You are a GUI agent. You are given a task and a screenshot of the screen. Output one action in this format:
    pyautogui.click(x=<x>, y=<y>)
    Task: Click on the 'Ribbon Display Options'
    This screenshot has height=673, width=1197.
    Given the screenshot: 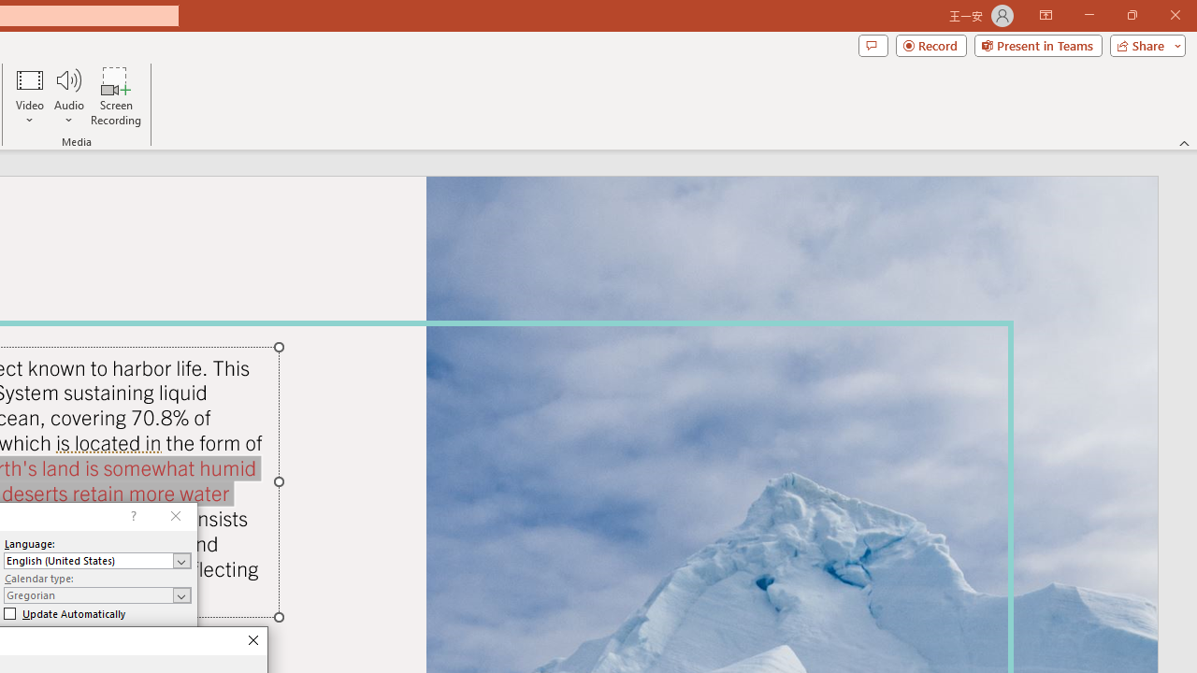 What is the action you would take?
    pyautogui.click(x=1045, y=15)
    